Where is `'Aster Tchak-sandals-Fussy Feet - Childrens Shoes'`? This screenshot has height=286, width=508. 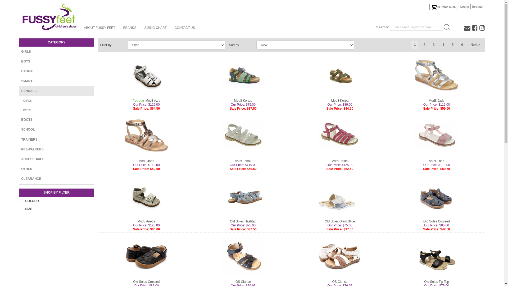 'Aster Tchak-sandals-Fussy Feet - Childrens Shoes' is located at coordinates (243, 135).